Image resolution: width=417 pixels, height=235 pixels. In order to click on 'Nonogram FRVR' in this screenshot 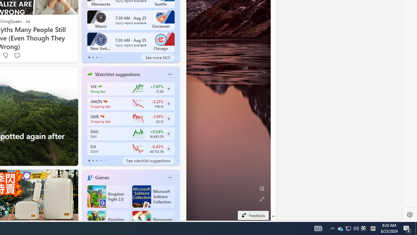, I will do `click(141, 222)`.